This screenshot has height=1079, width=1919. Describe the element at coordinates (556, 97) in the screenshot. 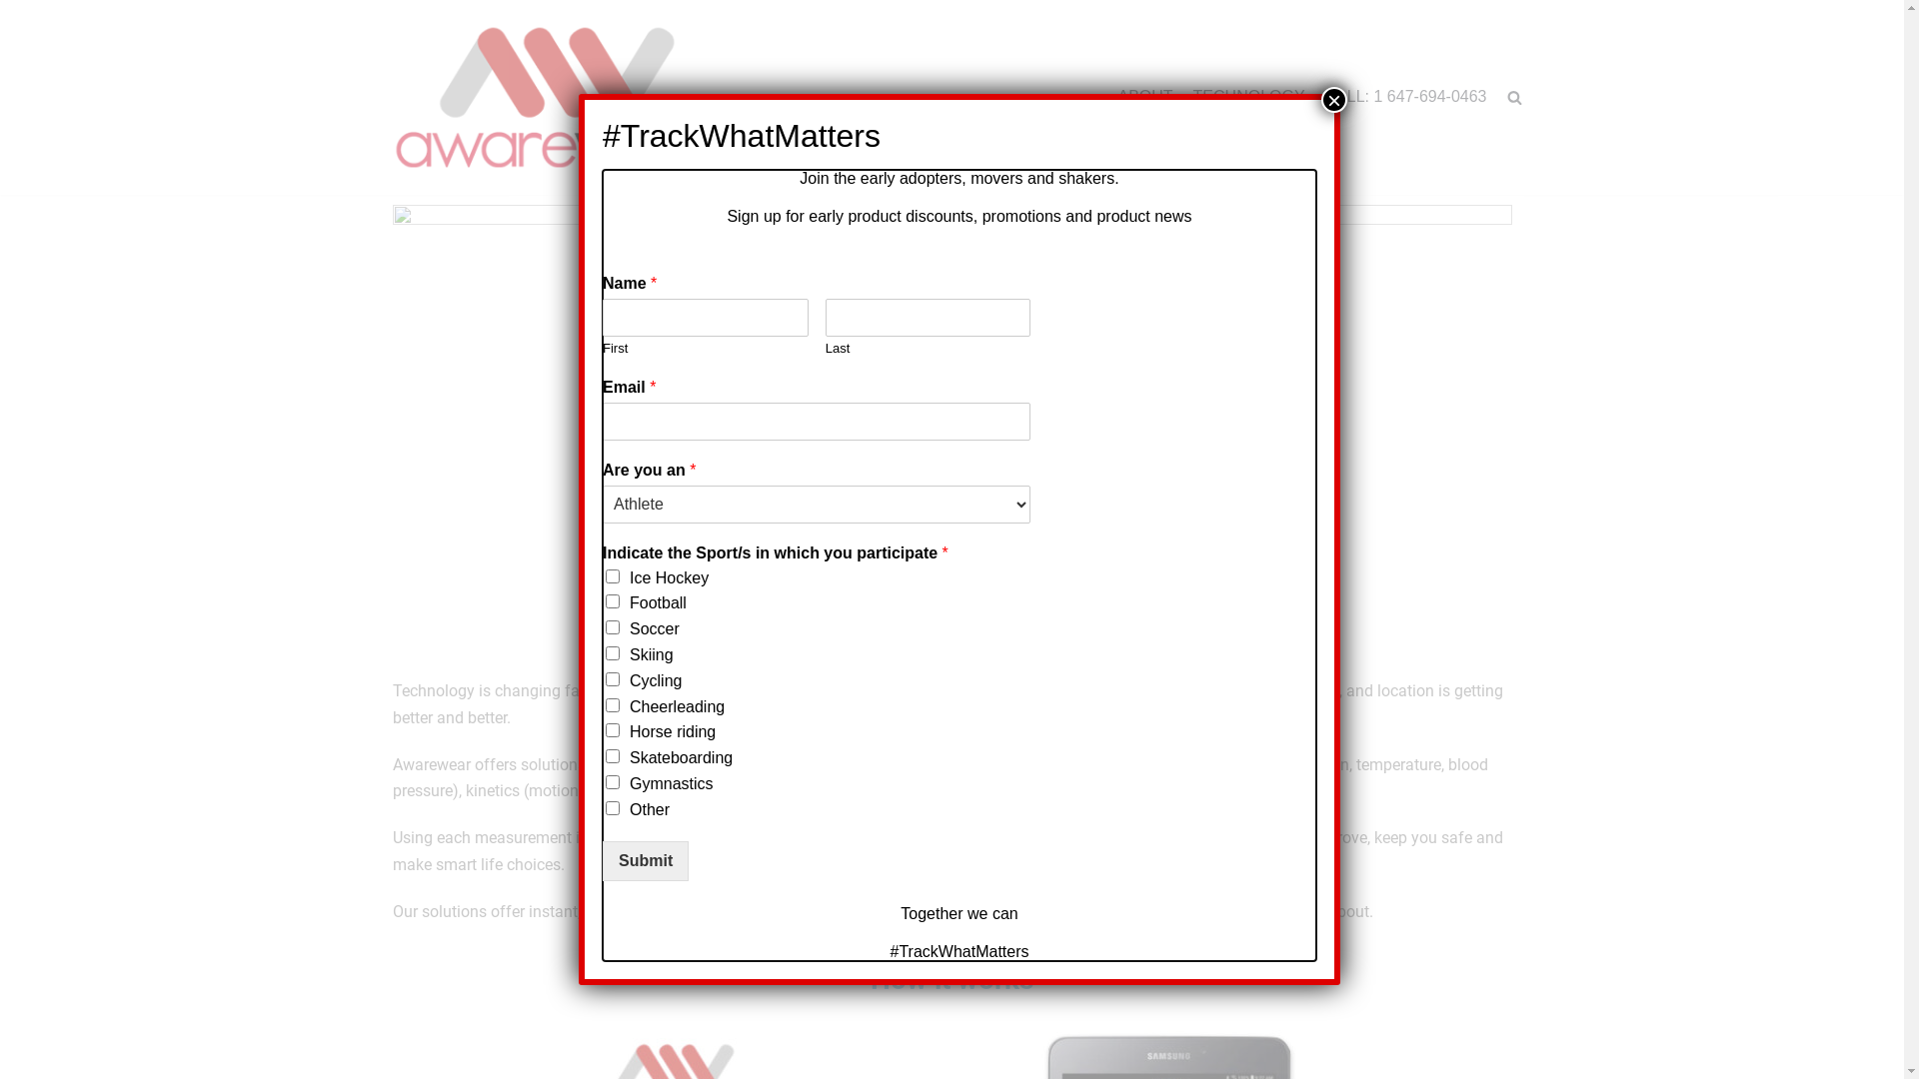

I see `'awarewear'` at that location.